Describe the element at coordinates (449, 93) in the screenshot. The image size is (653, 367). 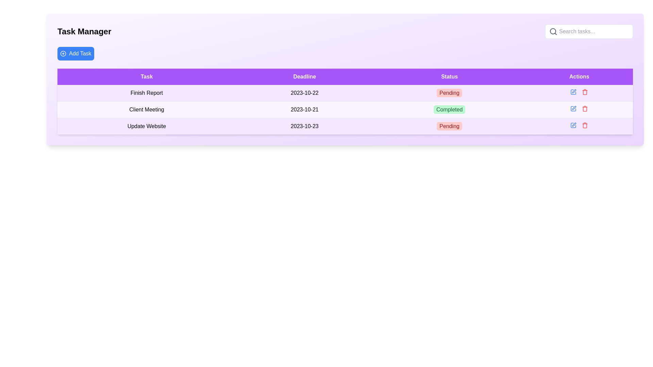
I see `the Status label indicating 'Pending' in the task management table, located in the third column of the second row` at that location.